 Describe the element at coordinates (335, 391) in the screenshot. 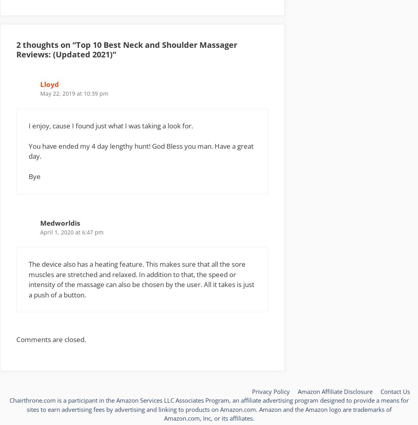

I see `'Amazon Affiliate Disclosure'` at that location.